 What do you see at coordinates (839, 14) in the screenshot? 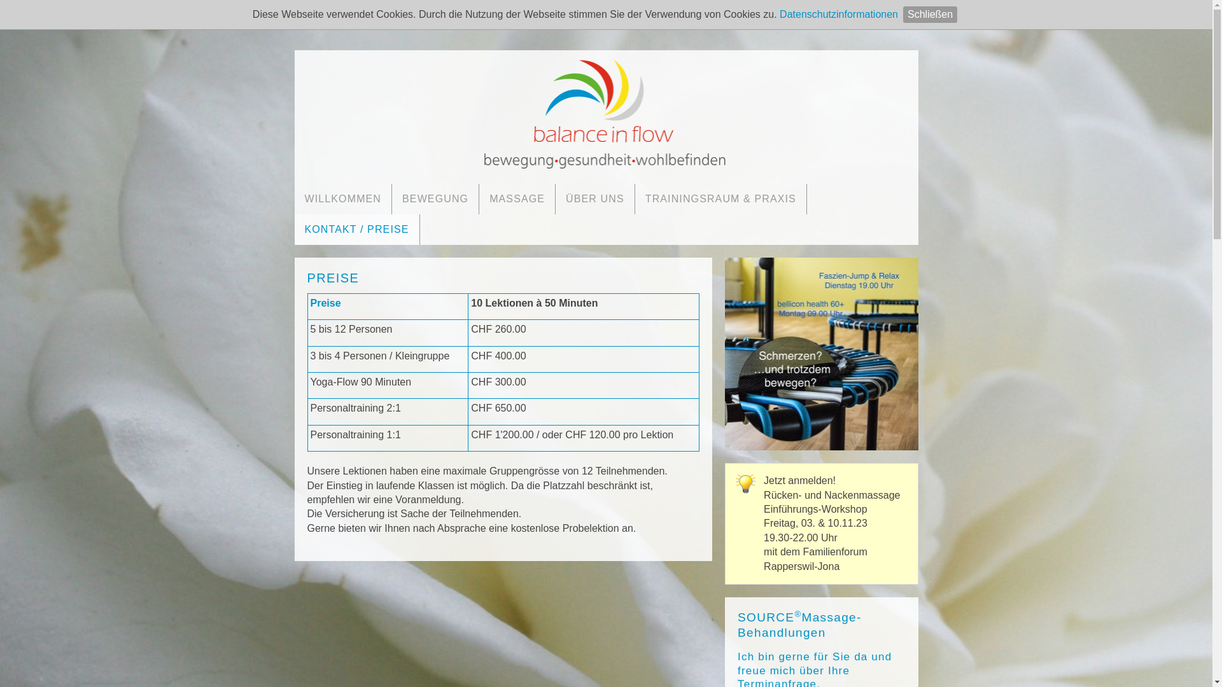
I see `'Datenschutzinformationen'` at bounding box center [839, 14].